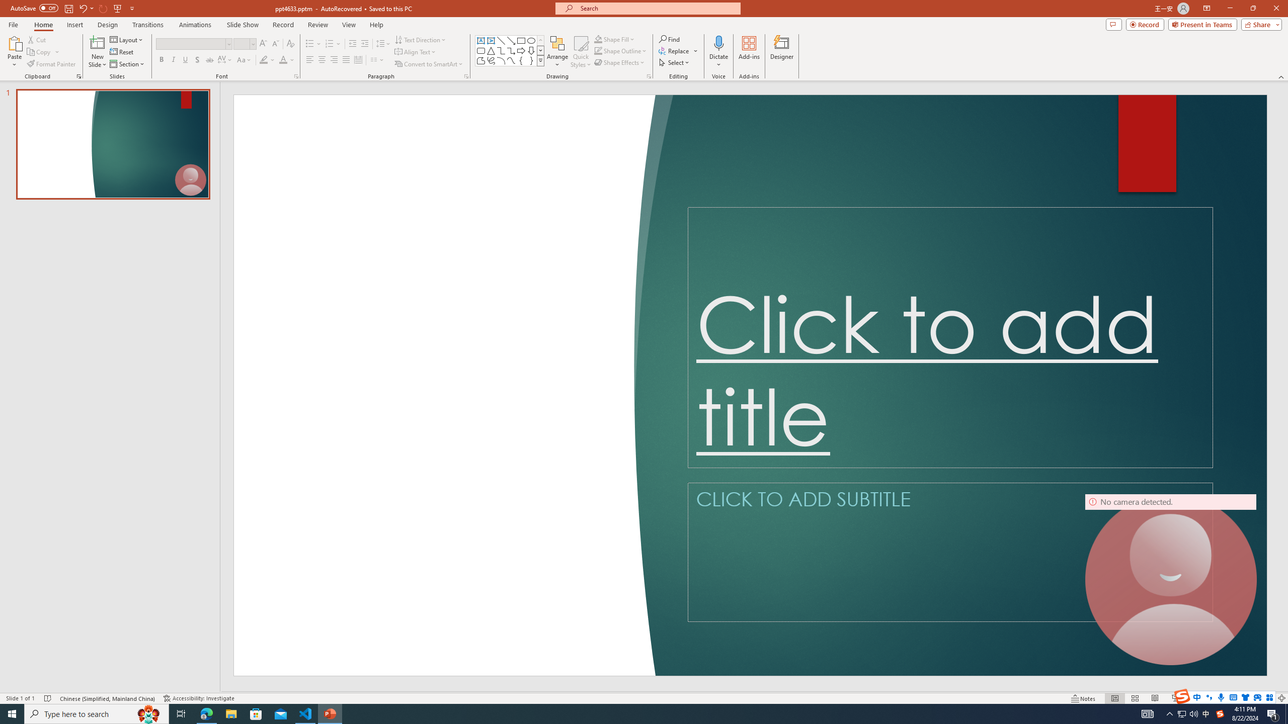 Image resolution: width=1288 pixels, height=724 pixels. Describe the element at coordinates (185, 59) in the screenshot. I see `'Underline'` at that location.